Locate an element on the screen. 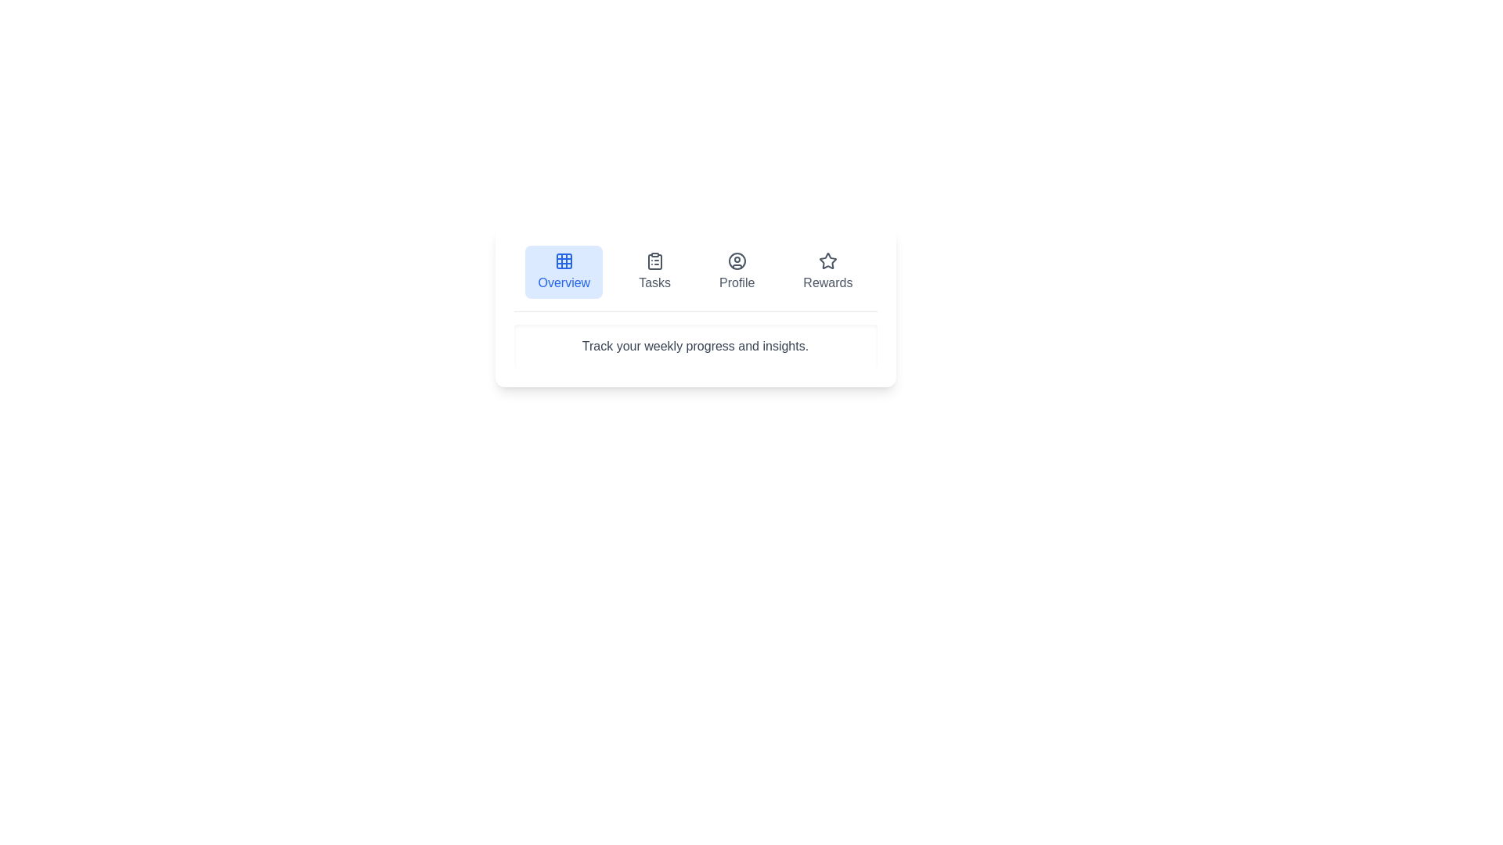  the active tab element, a rounded rectangle measuring 18x18 units, located within the 'Overview' tab's icon in the top menu bar is located at coordinates (564, 261).